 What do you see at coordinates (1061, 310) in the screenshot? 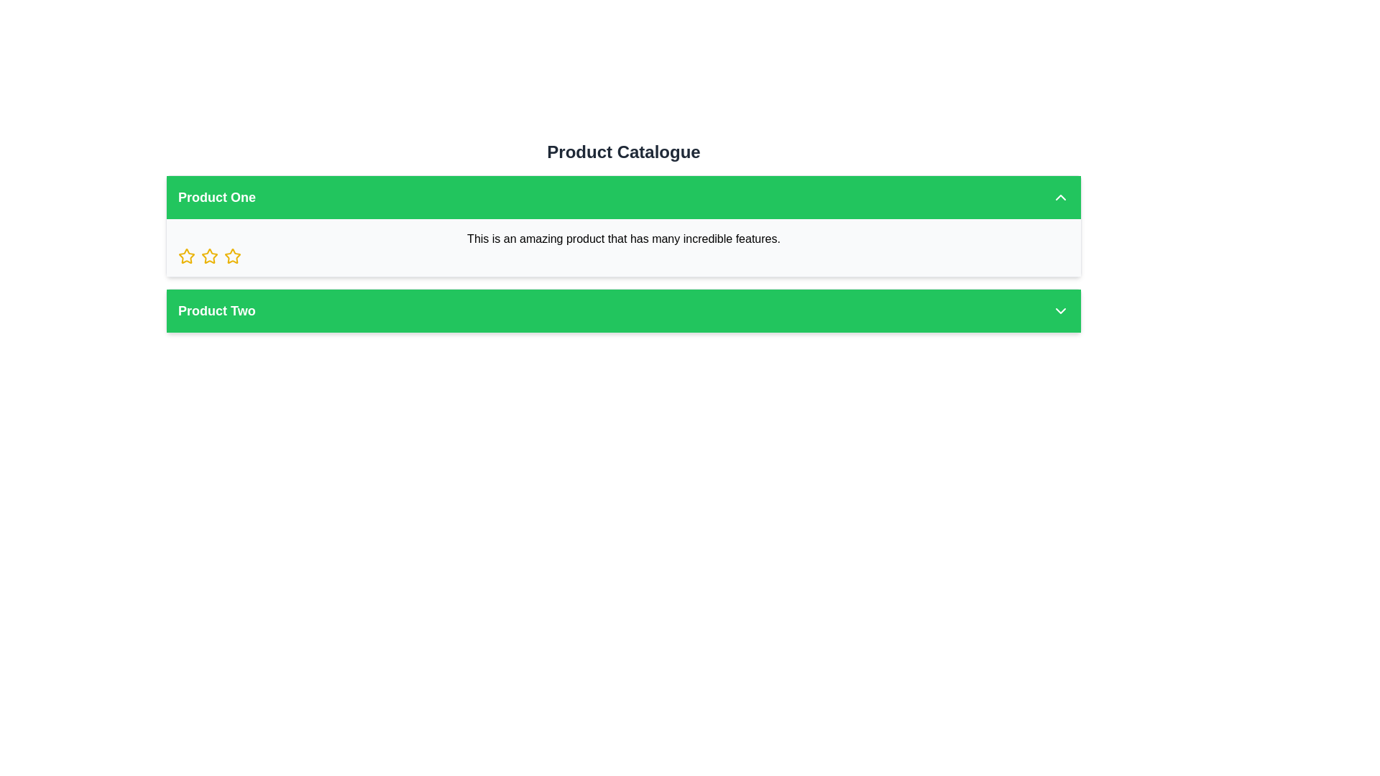
I see `the white downward-pointing arrow icon located at the rightmost part of the 'Product Two' section` at bounding box center [1061, 310].